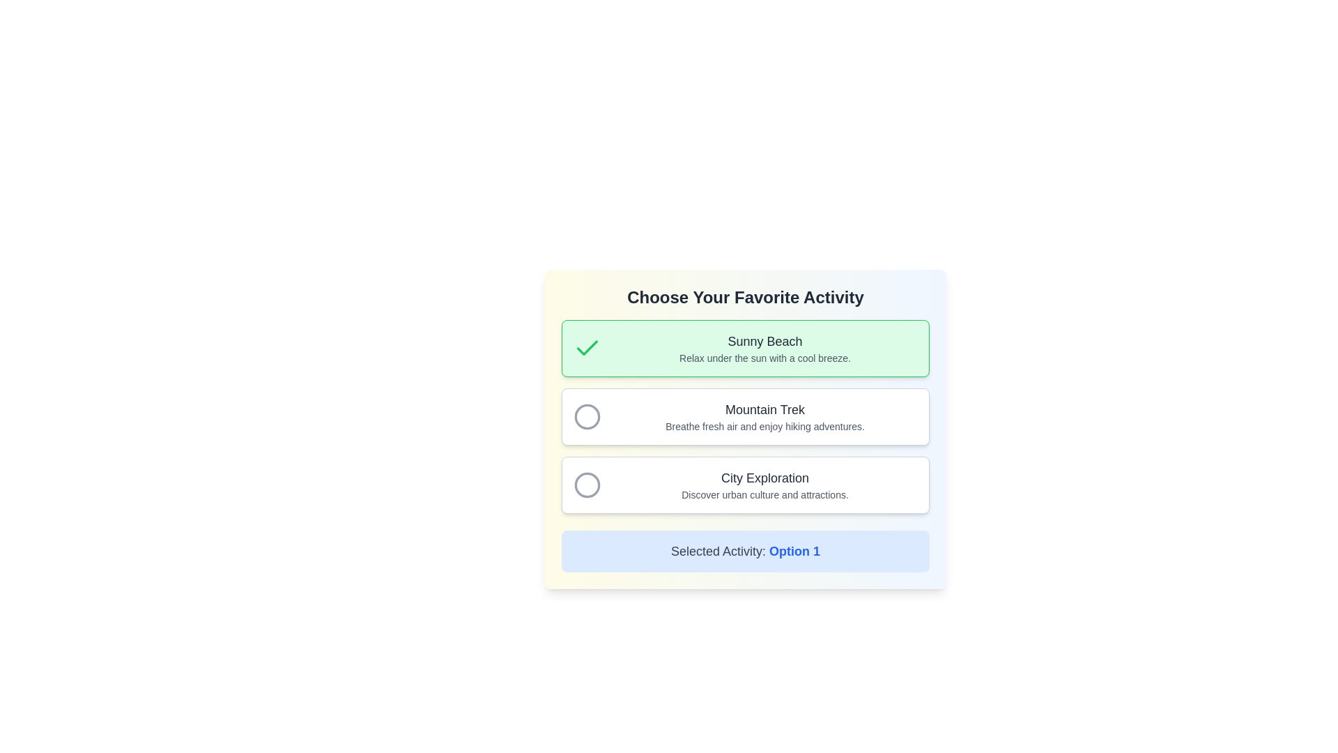 The image size is (1338, 753). What do you see at coordinates (764, 341) in the screenshot?
I see `text element titled 'Sunny Beach', which is the first selectable option under 'Choose Your Favorite Activity'` at bounding box center [764, 341].